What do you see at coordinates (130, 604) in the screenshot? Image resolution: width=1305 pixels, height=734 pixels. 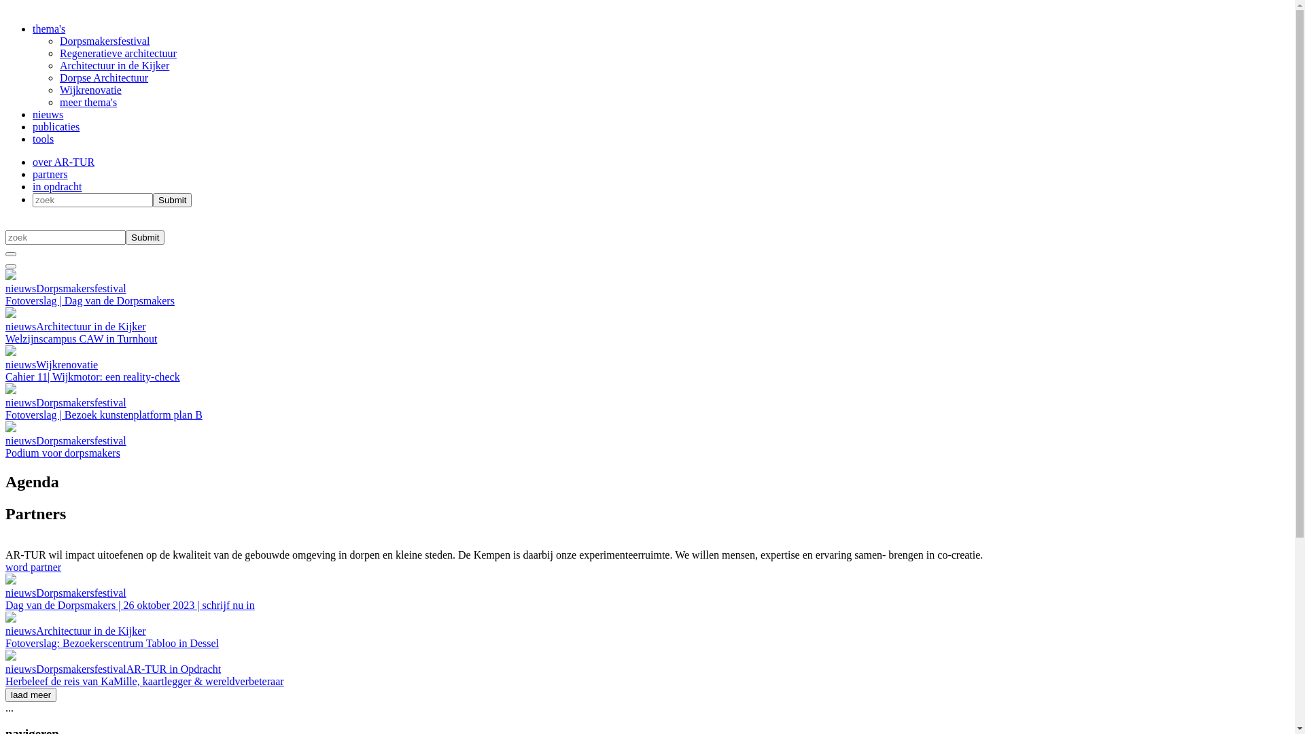 I see `'Dag van de Dorpsmakers | 26 oktober 2023 | schrijf nu in'` at bounding box center [130, 604].